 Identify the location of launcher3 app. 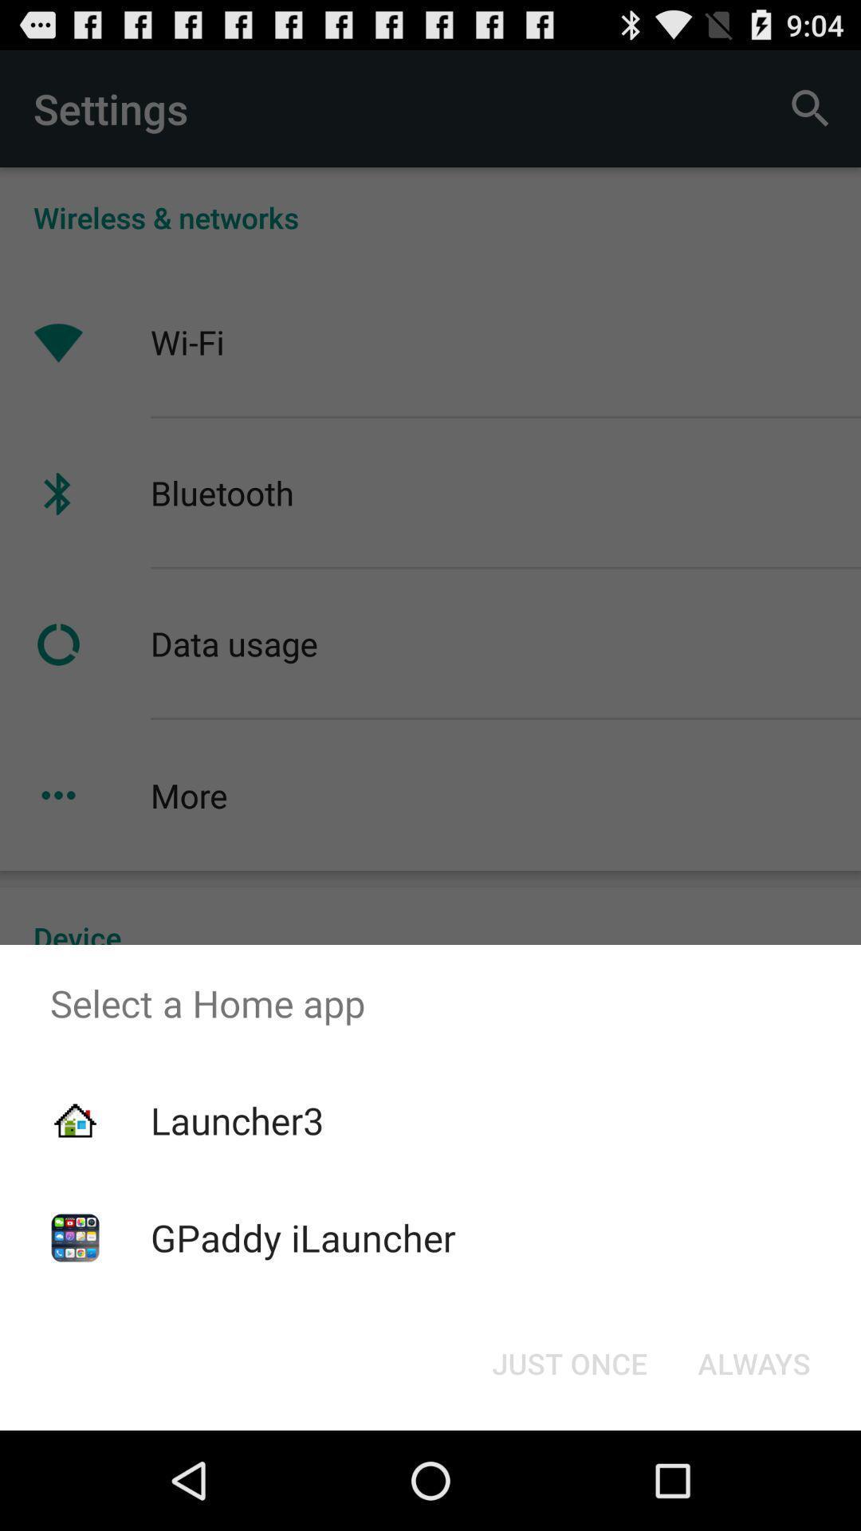
(237, 1120).